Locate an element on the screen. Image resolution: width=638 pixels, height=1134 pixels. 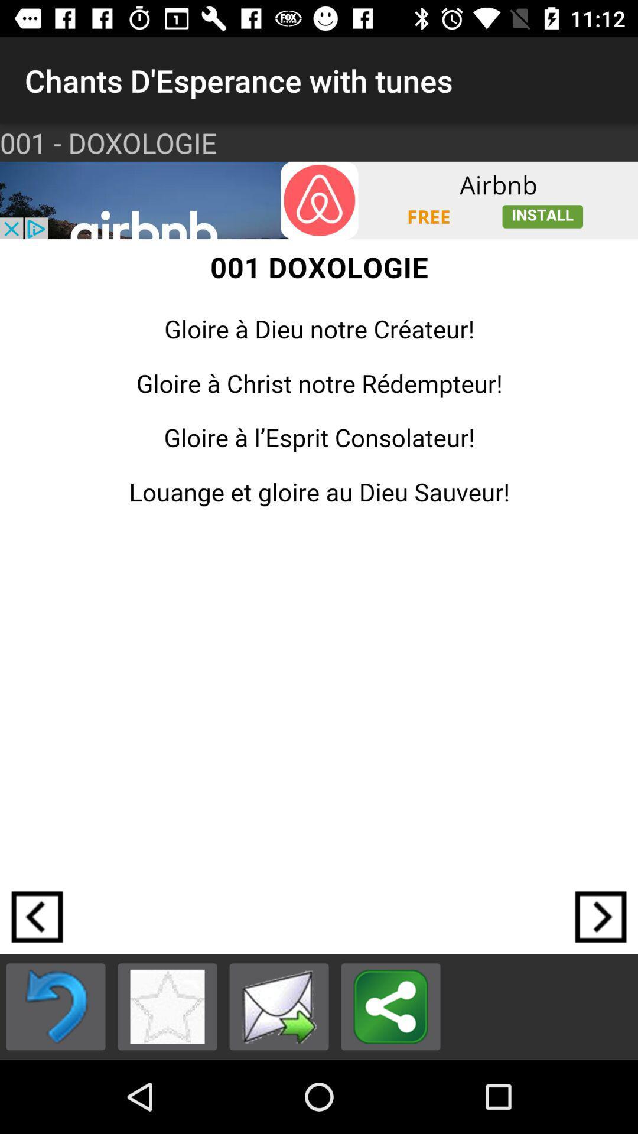
the share icon is located at coordinates (390, 1006).